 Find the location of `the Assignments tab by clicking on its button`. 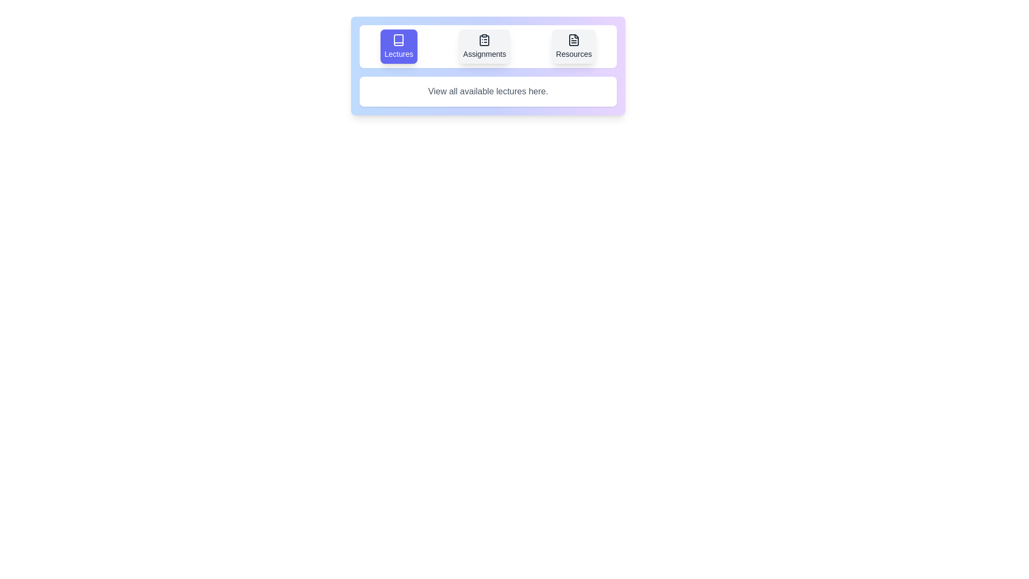

the Assignments tab by clicking on its button is located at coordinates (483, 46).